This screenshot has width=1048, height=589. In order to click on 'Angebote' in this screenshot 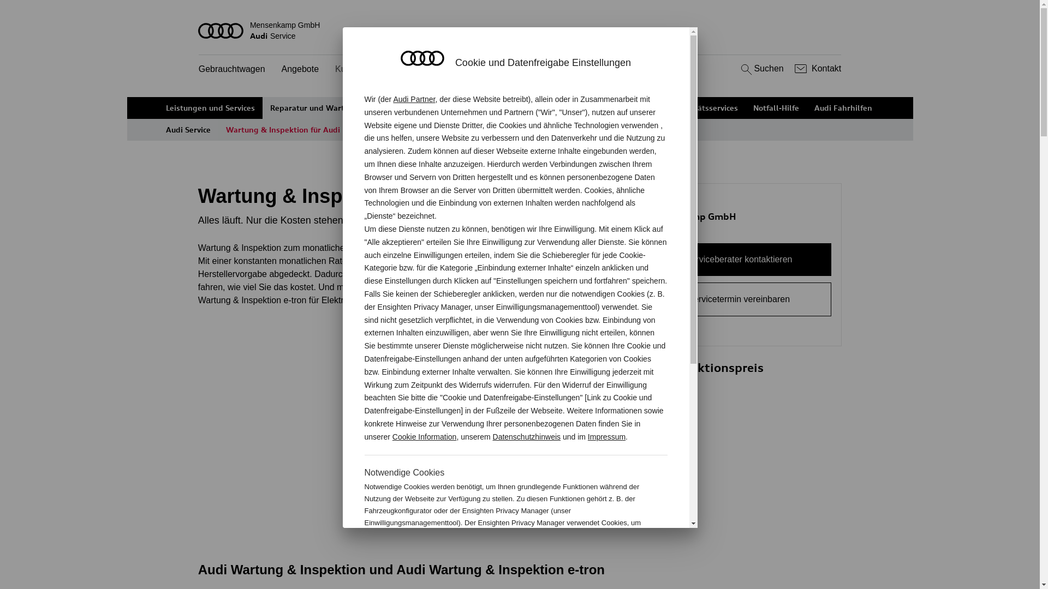, I will do `click(300, 69)`.